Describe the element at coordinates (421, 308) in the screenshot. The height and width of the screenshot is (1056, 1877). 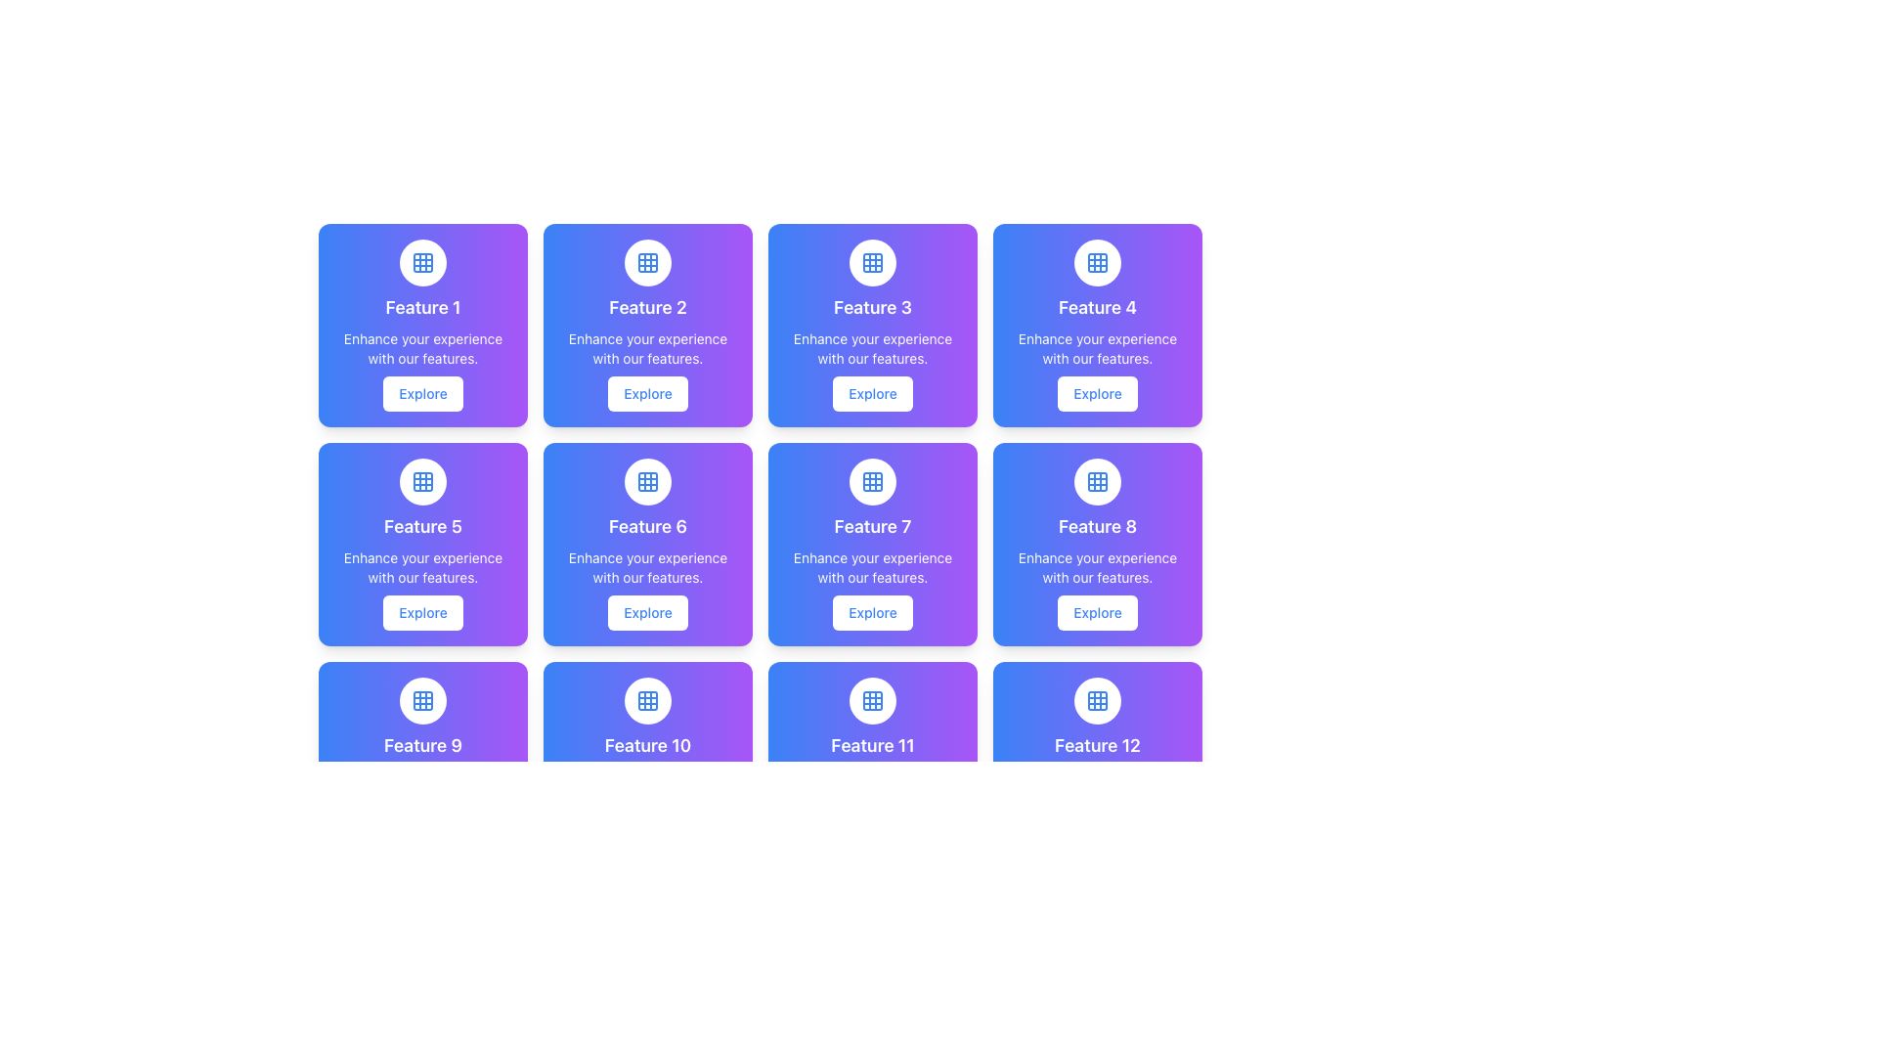
I see `the title text of the card, which is located at the top-center of the rectangular card component in the first row and first column of a 4x3 grid layout` at that location.